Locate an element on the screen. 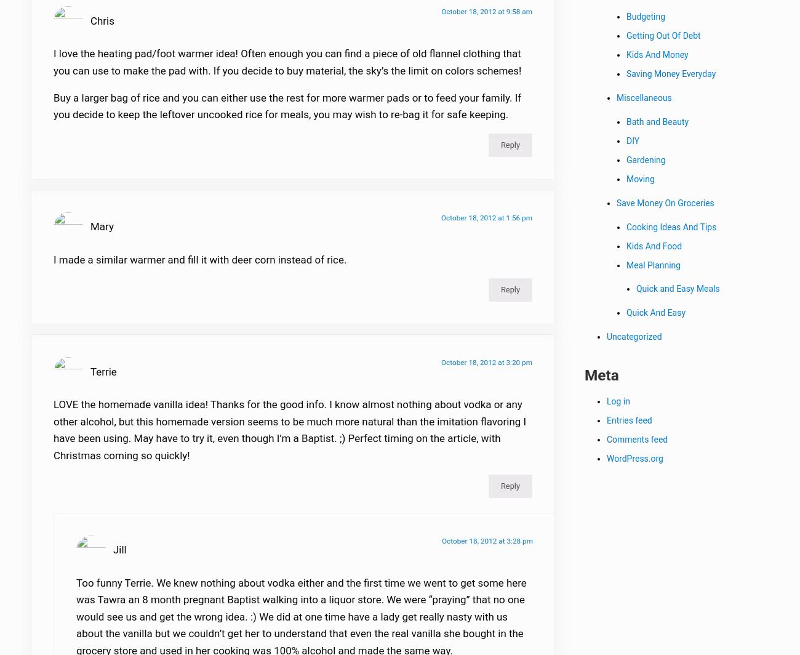  'October 18, 2012 at 3:20 pm' is located at coordinates (486, 369).